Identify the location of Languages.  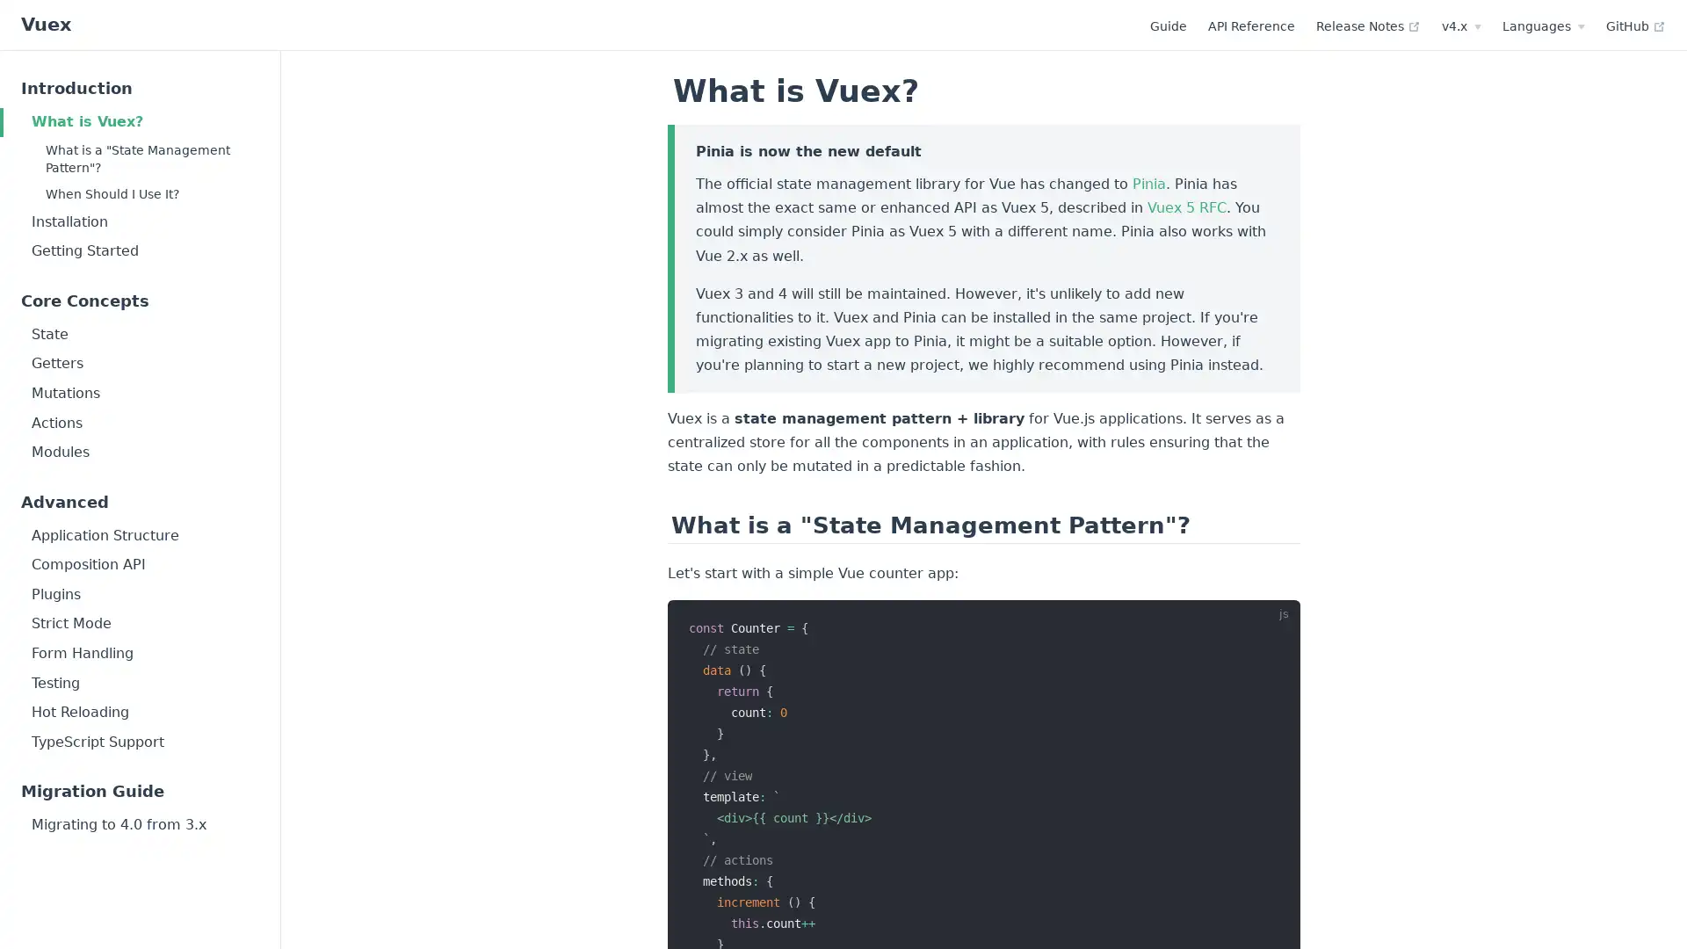
(1542, 26).